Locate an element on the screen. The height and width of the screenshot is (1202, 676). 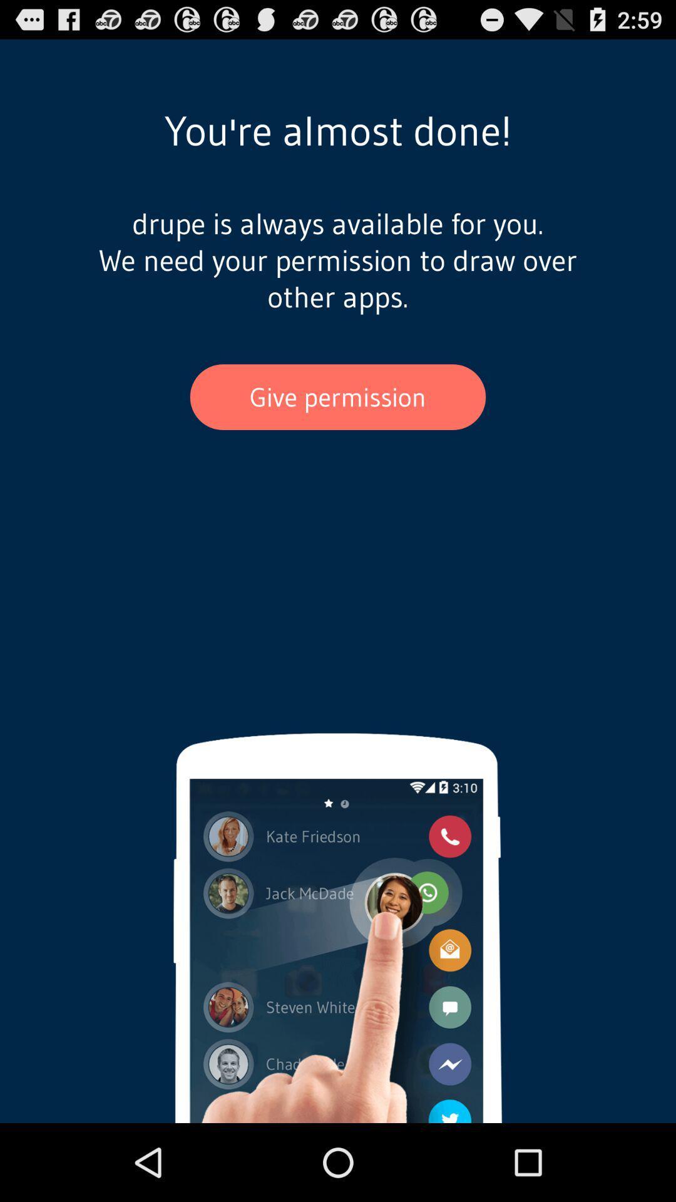
give permission item is located at coordinates (338, 396).